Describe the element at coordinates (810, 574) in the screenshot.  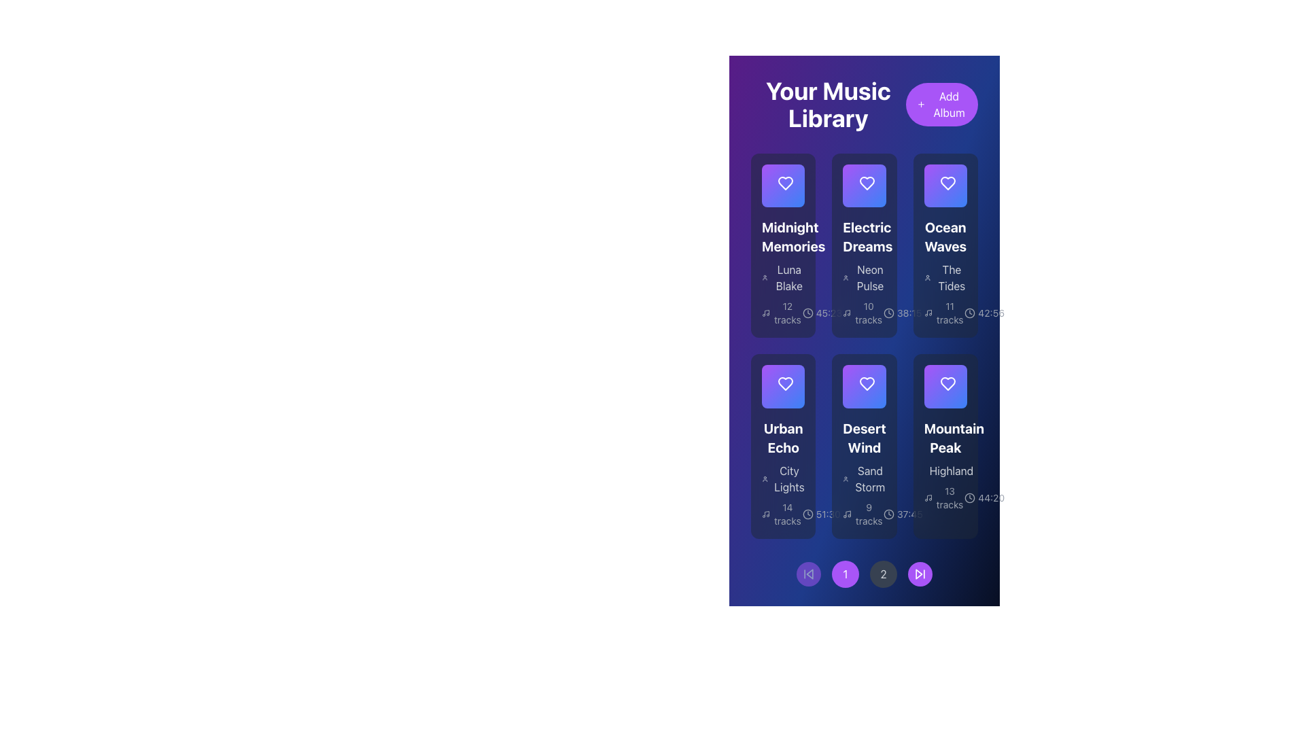
I see `the triangular icon located within the circular button at the bottom-left corner of the page` at that location.